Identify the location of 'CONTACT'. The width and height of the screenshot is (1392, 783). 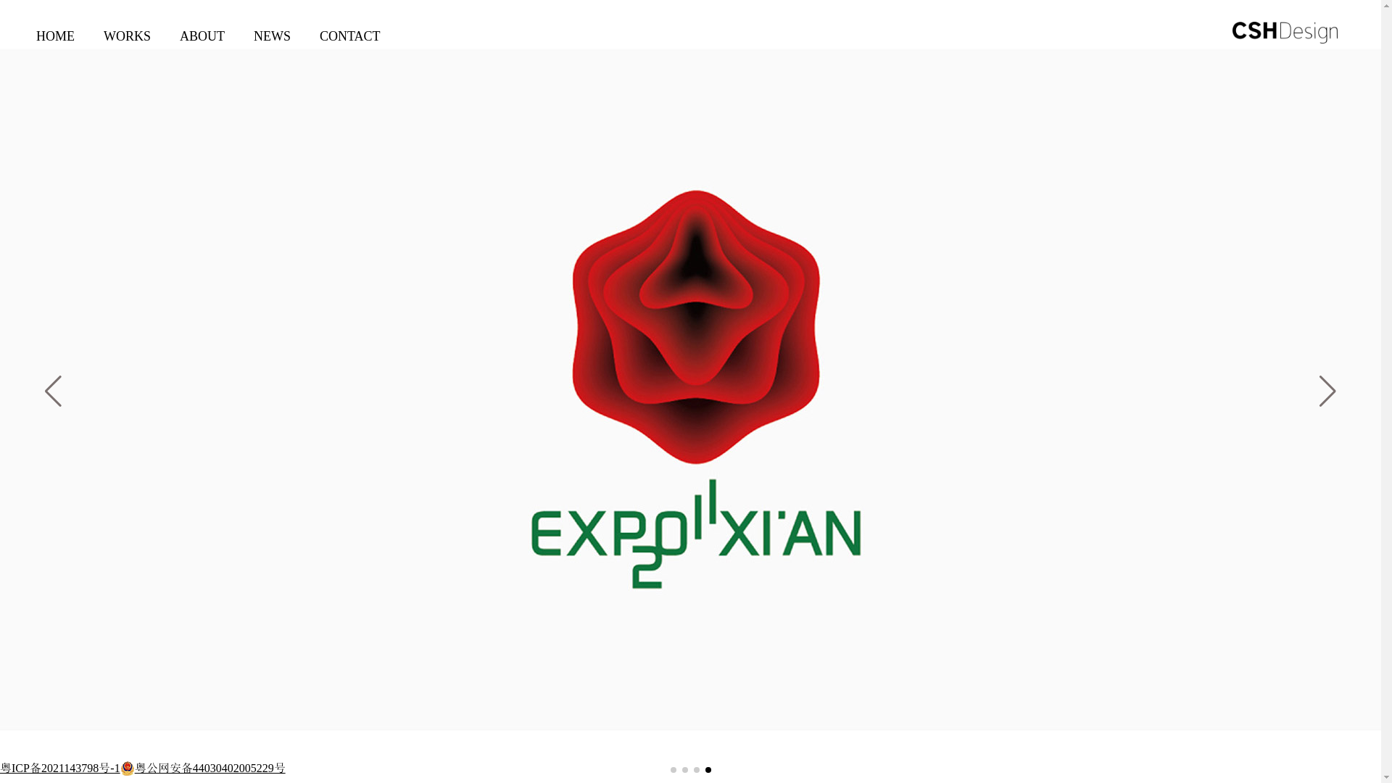
(350, 46).